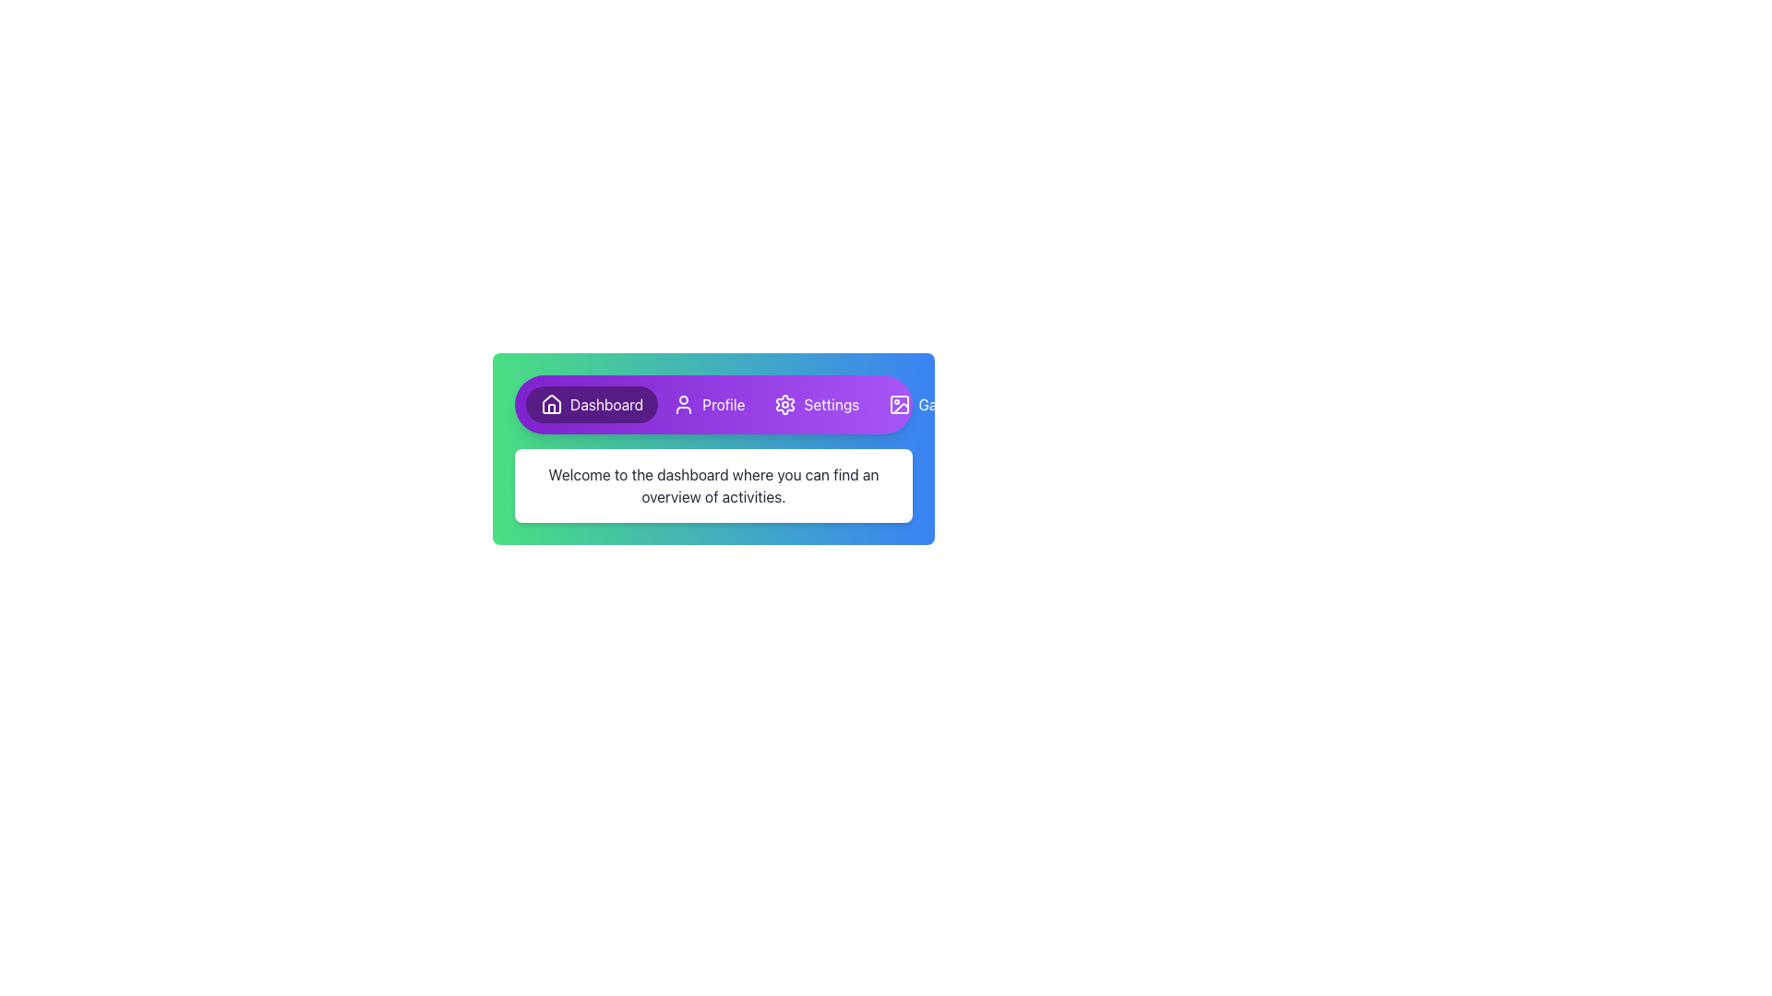  Describe the element at coordinates (606, 404) in the screenshot. I see `the 'Dashboard' text label, which is styled in white text on a purple background in the top-left corner of the navbar` at that location.